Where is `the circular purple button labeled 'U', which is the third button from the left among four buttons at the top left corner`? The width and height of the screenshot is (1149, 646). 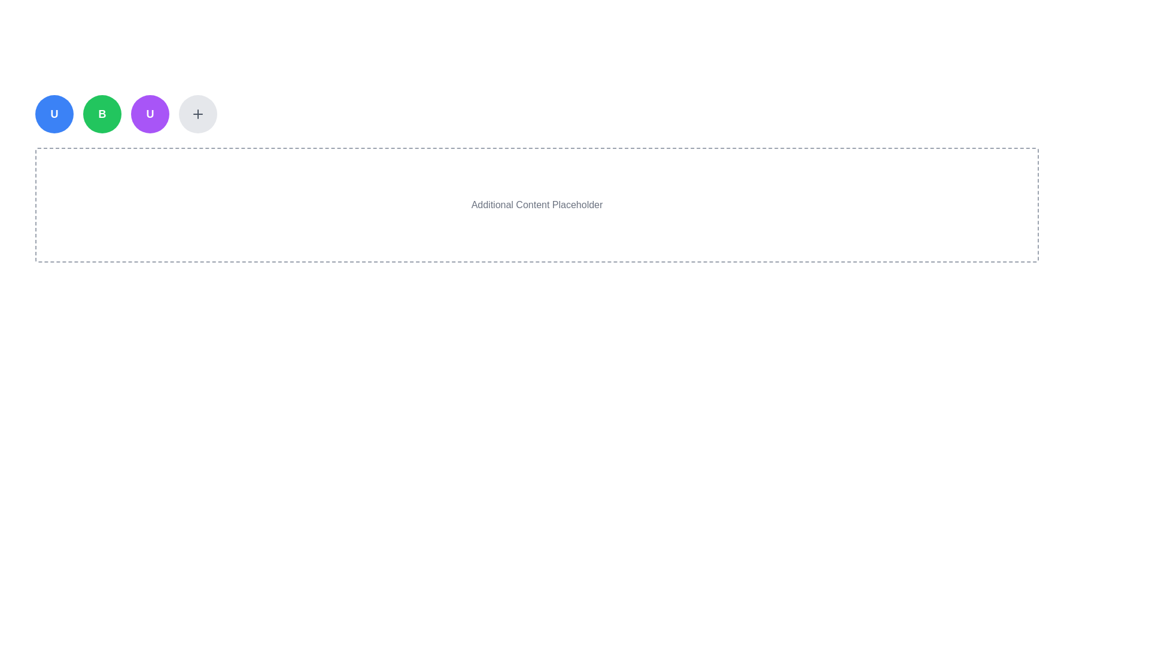
the circular purple button labeled 'U', which is the third button from the left among four buttons at the top left corner is located at coordinates (149, 149).